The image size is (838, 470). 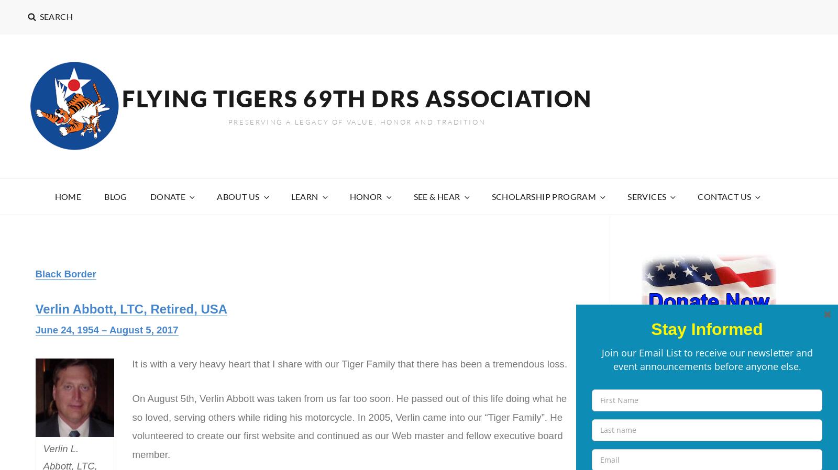 What do you see at coordinates (168, 196) in the screenshot?
I see `'DONATE'` at bounding box center [168, 196].